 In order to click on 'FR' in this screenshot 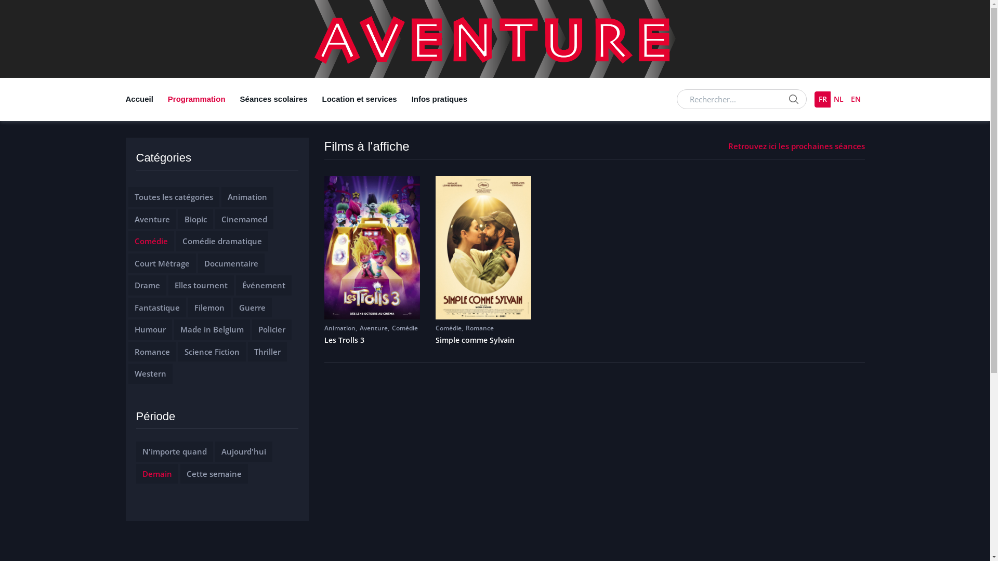, I will do `click(813, 99)`.